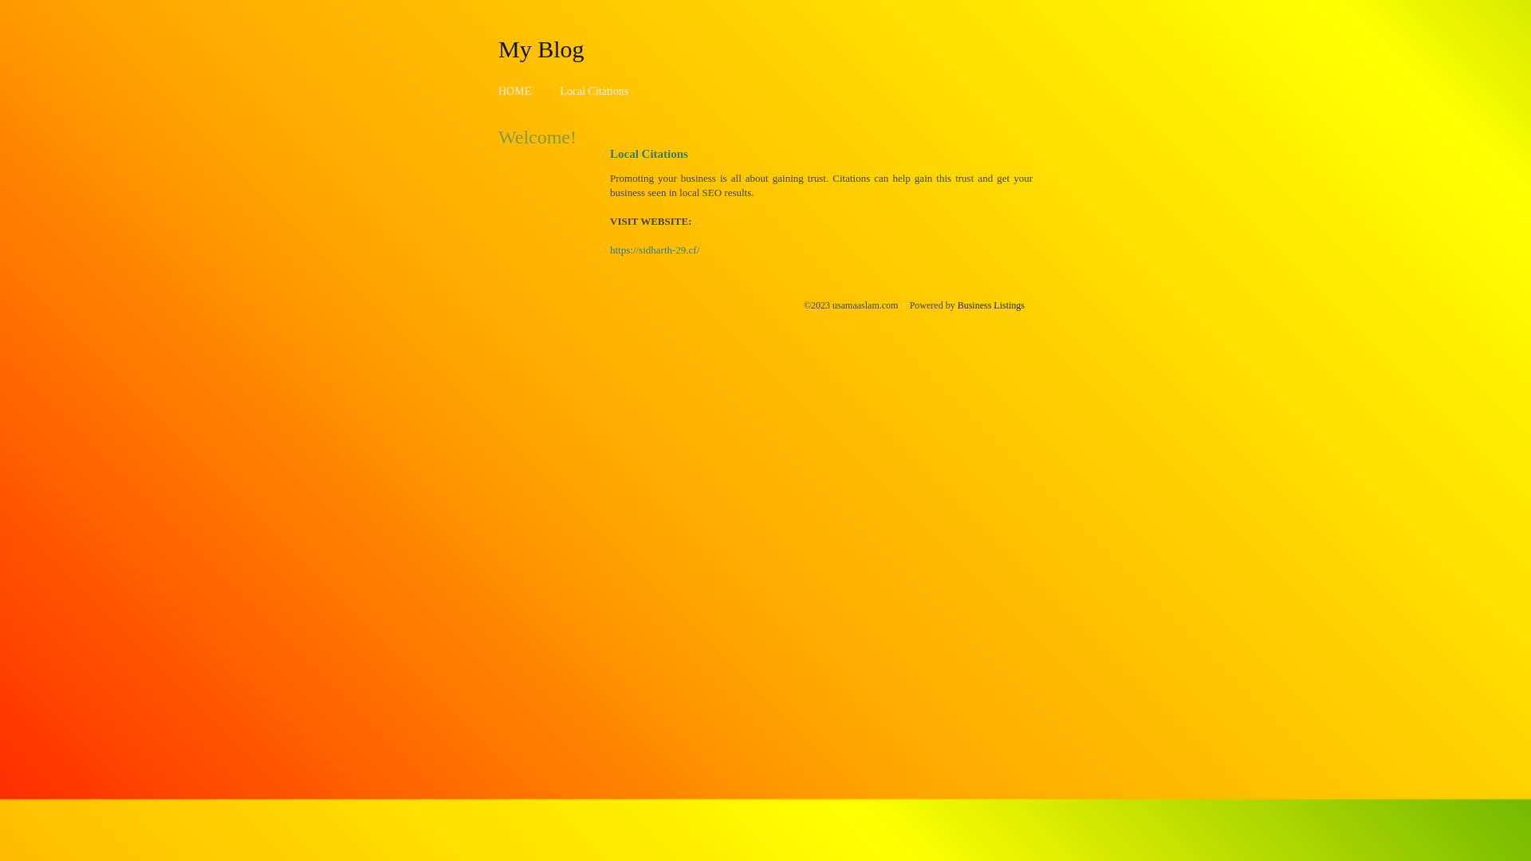  Describe the element at coordinates (592, 91) in the screenshot. I see `'Local Citations'` at that location.